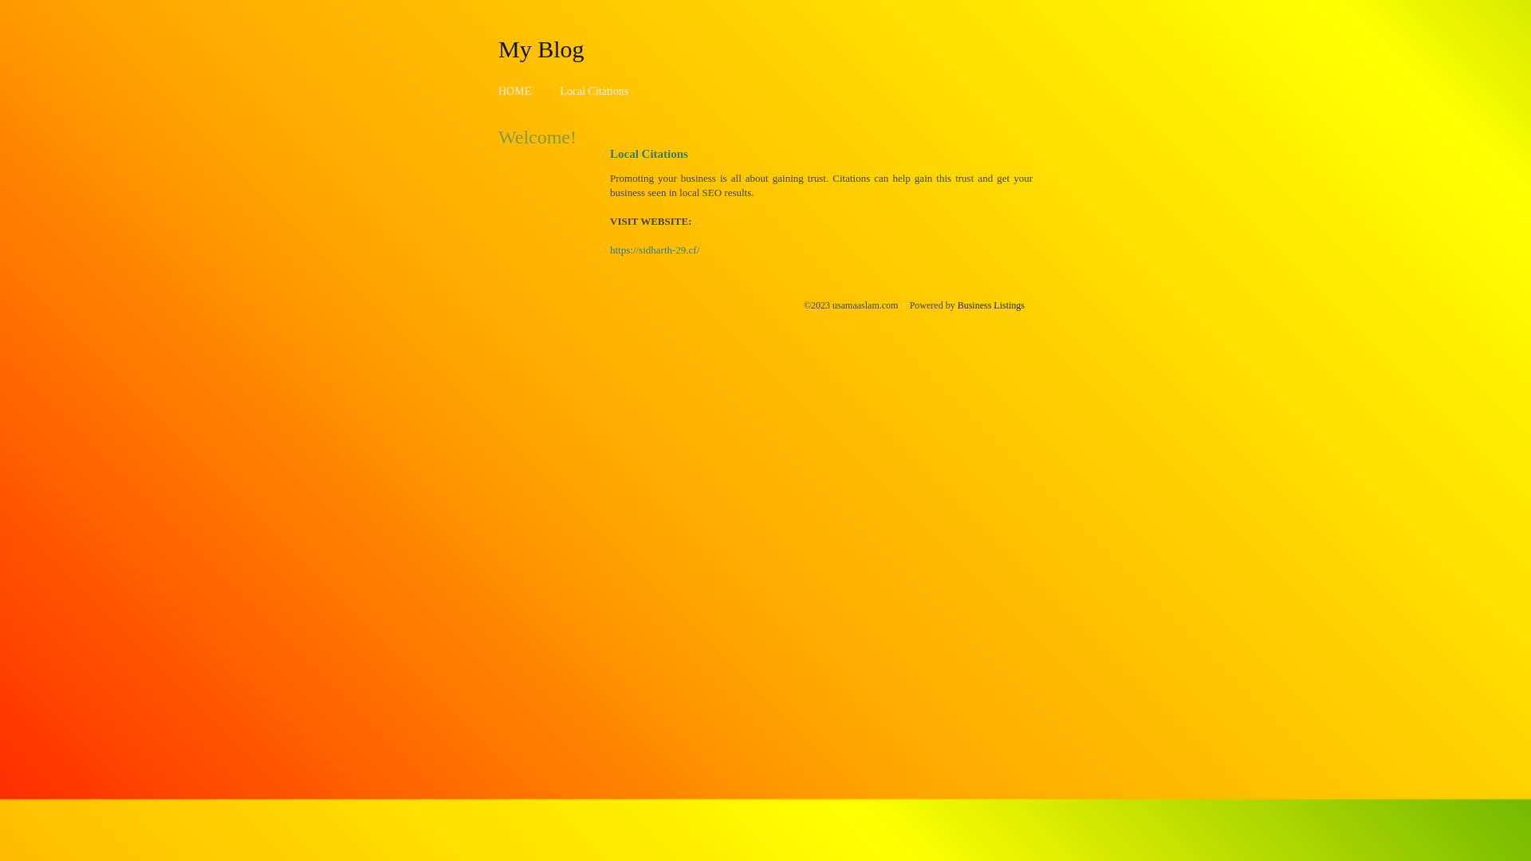  Describe the element at coordinates (592, 91) in the screenshot. I see `'Local Citations'` at that location.